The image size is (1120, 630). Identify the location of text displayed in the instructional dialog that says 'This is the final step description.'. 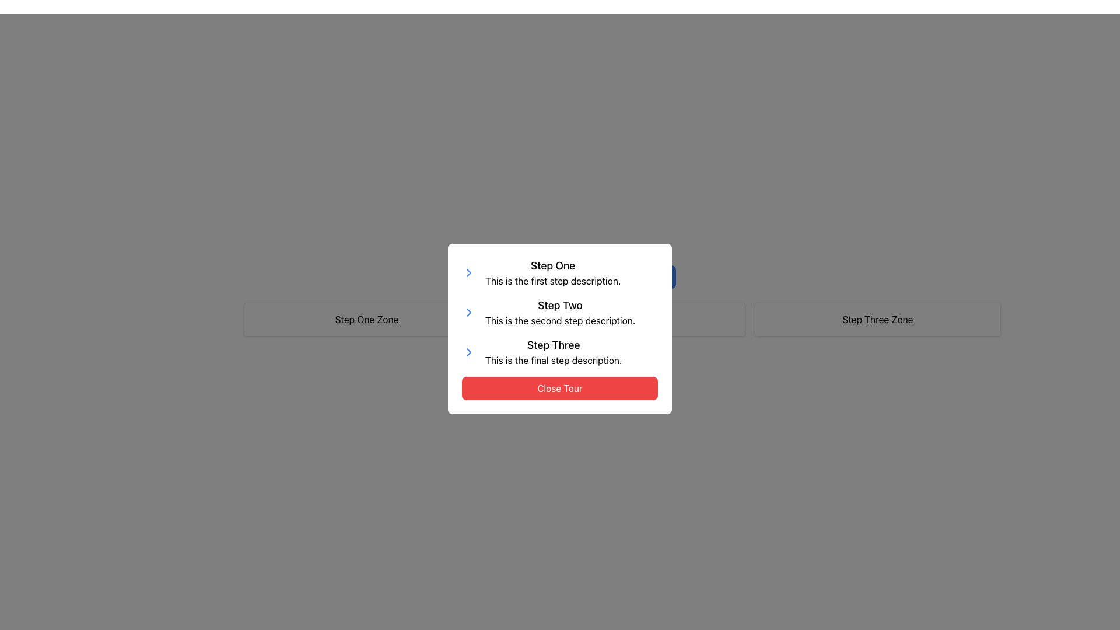
(553, 359).